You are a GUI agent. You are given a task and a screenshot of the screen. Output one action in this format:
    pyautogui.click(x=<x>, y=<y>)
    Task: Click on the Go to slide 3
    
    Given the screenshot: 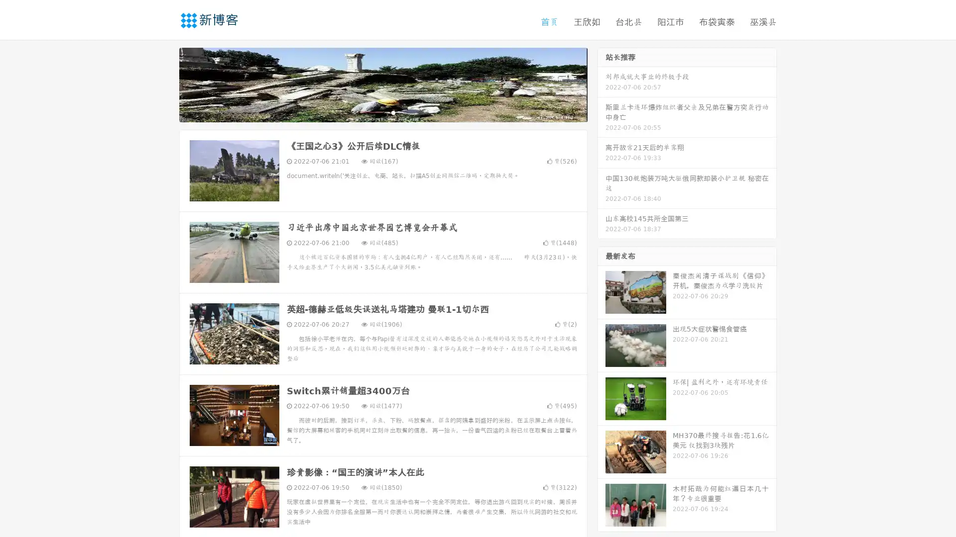 What is the action you would take?
    pyautogui.click(x=393, y=112)
    